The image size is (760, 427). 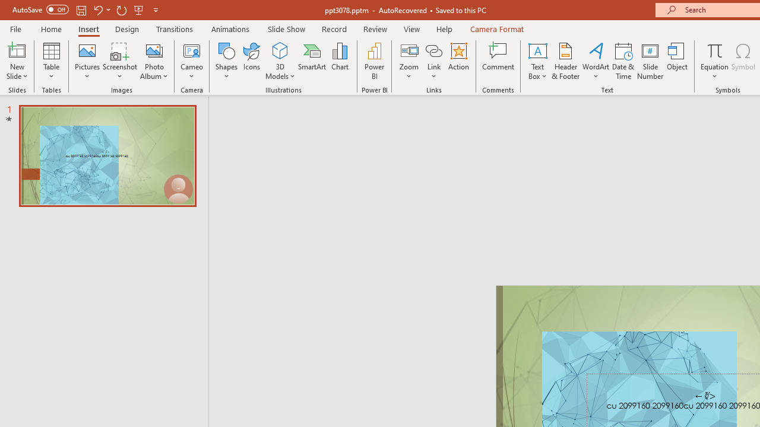 I want to click on 'Table', so click(x=51, y=61).